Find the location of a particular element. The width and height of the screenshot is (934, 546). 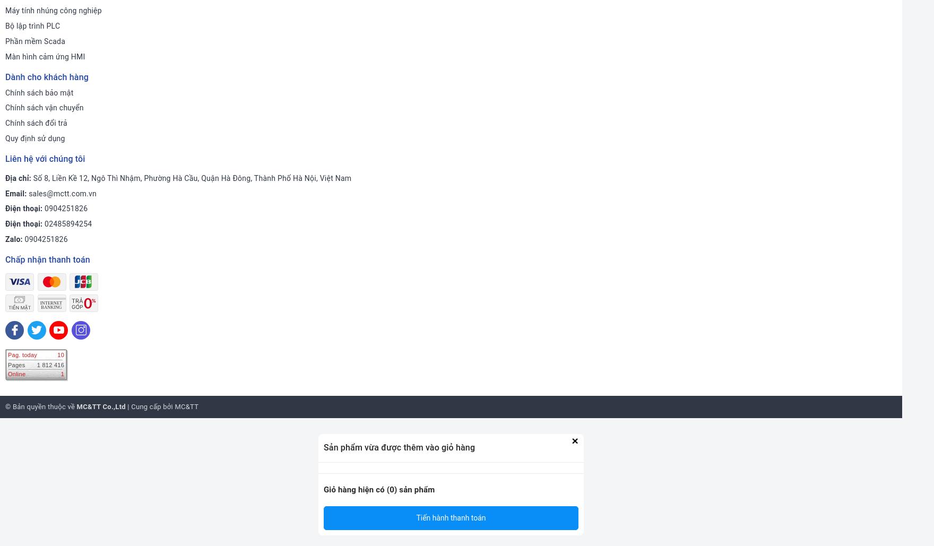

'Máy tính nhúng công nghiệp' is located at coordinates (53, 10).